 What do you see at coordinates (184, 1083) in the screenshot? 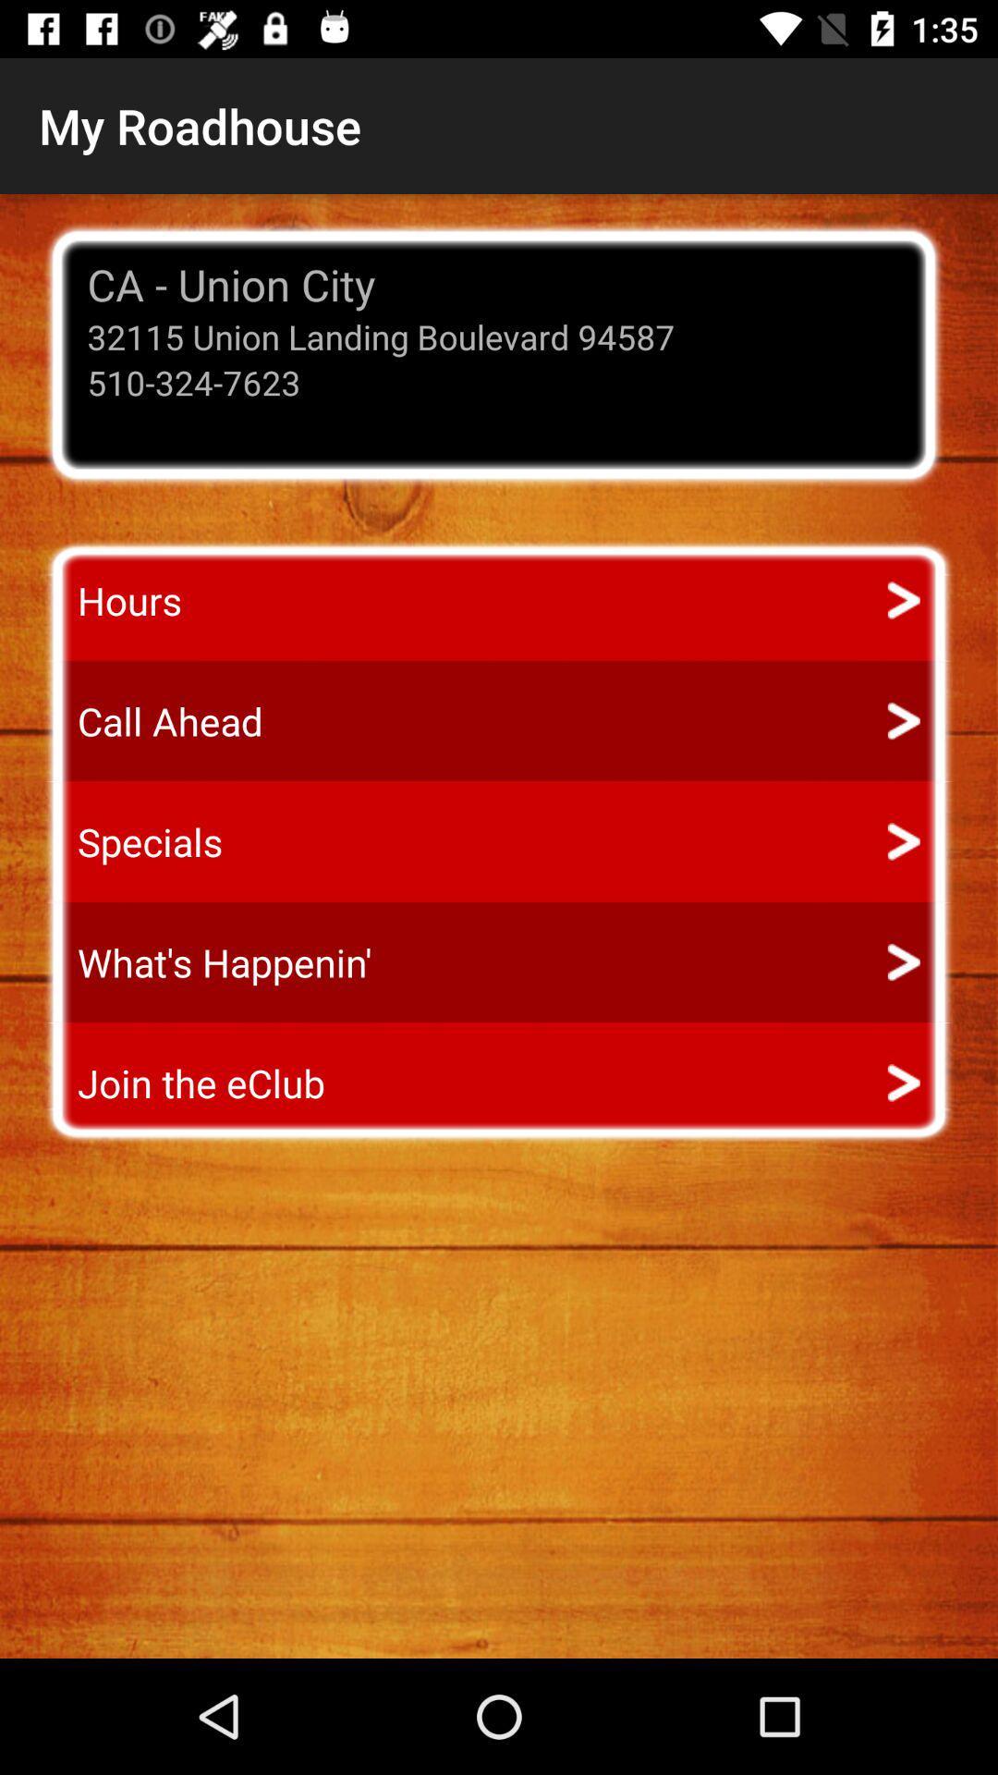
I see `join the eclub` at bounding box center [184, 1083].